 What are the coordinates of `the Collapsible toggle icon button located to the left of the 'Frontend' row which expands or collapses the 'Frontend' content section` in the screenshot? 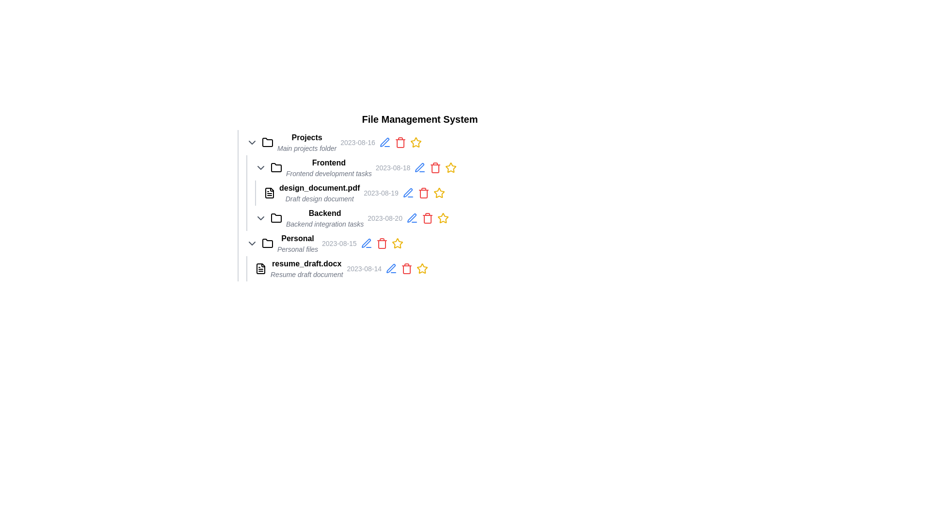 It's located at (260, 167).